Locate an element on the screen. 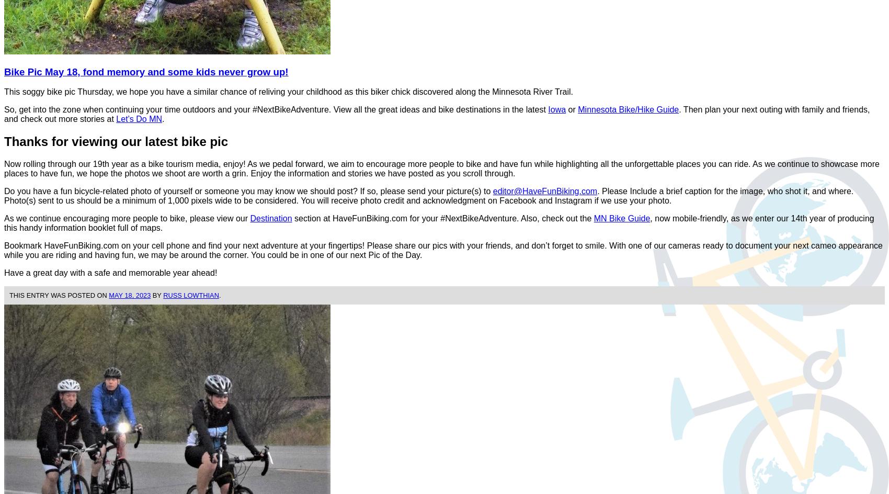  'on' is located at coordinates (102, 295).